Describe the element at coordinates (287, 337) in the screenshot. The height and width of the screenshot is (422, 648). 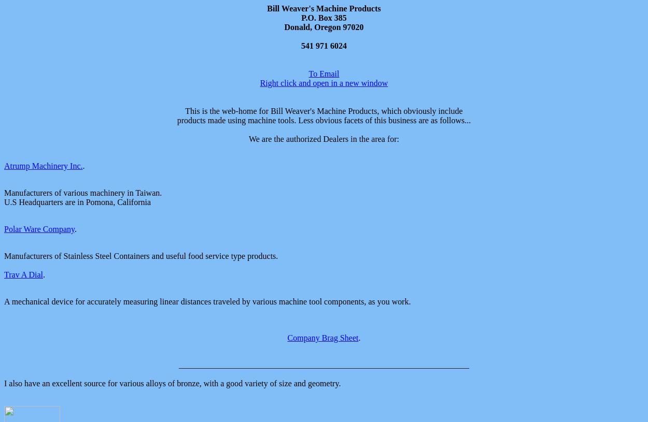
I see `'Company Brag Sheet'` at that location.